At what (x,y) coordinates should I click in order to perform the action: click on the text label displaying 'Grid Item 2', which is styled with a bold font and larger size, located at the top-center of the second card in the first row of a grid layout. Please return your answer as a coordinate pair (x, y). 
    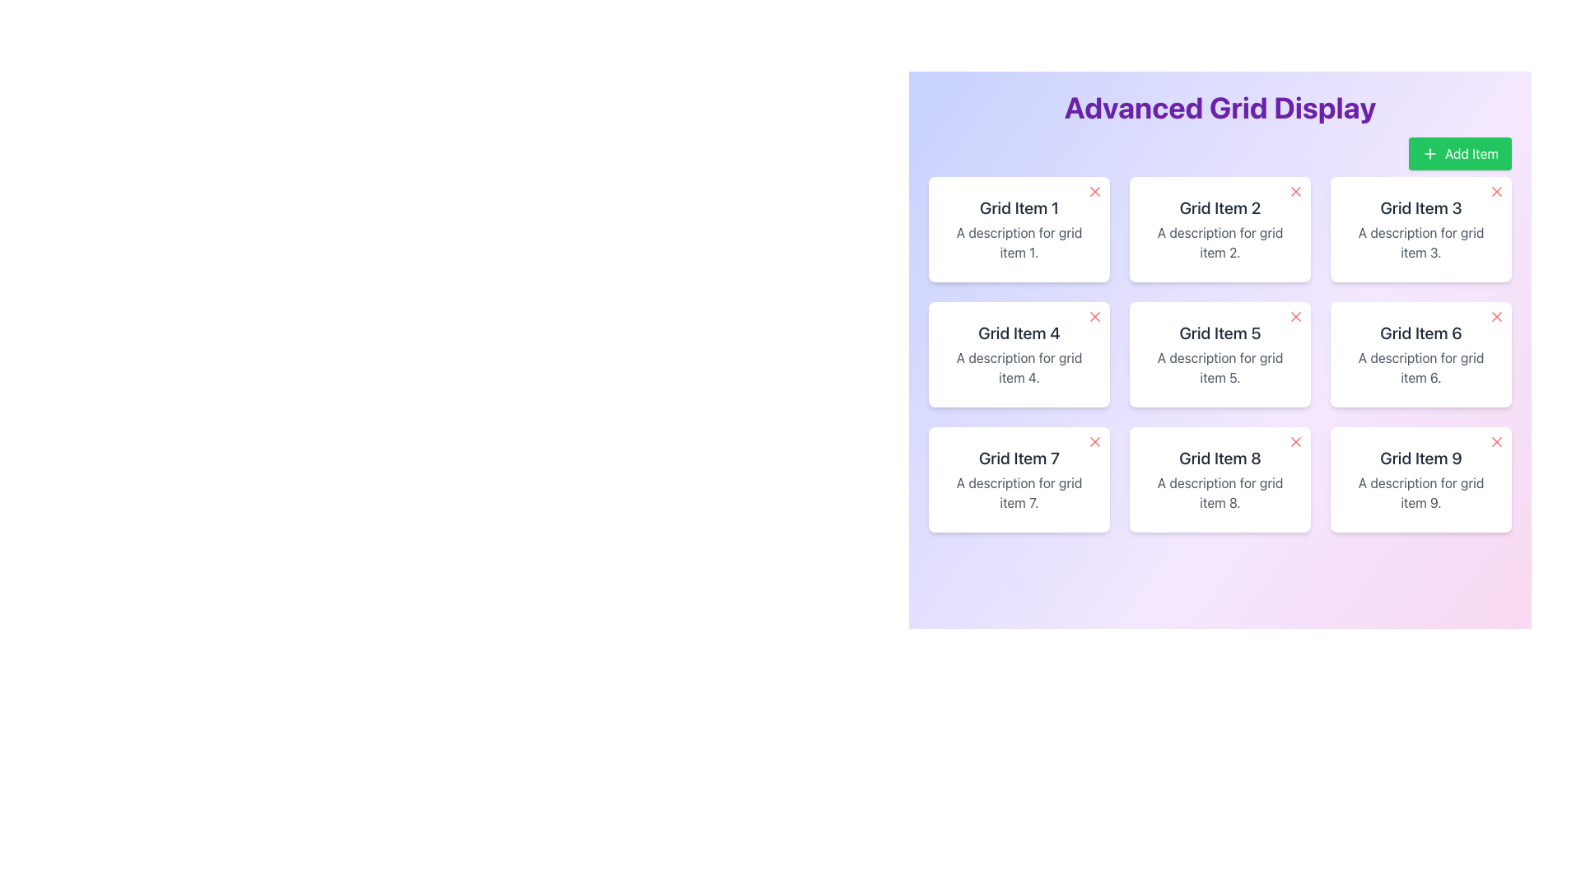
    Looking at the image, I should click on (1220, 207).